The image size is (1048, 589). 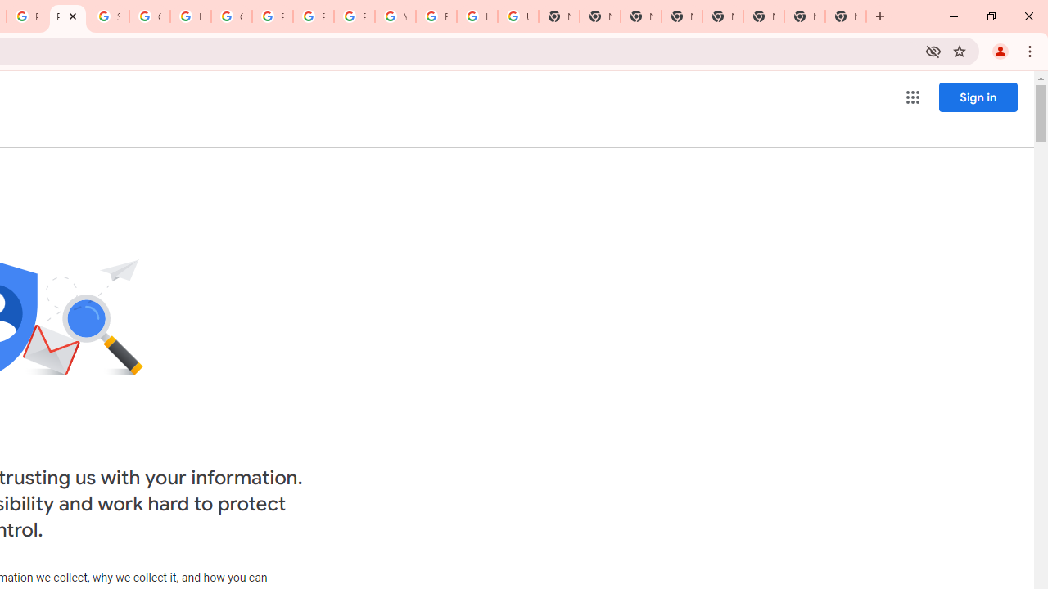 I want to click on 'Privacy Help Center - Policies Help', so click(x=314, y=16).